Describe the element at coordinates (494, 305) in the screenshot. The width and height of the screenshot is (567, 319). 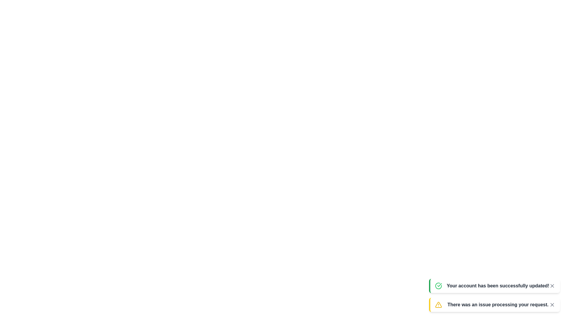
I see `the notification with message 'There was an issue processing your request.'` at that location.